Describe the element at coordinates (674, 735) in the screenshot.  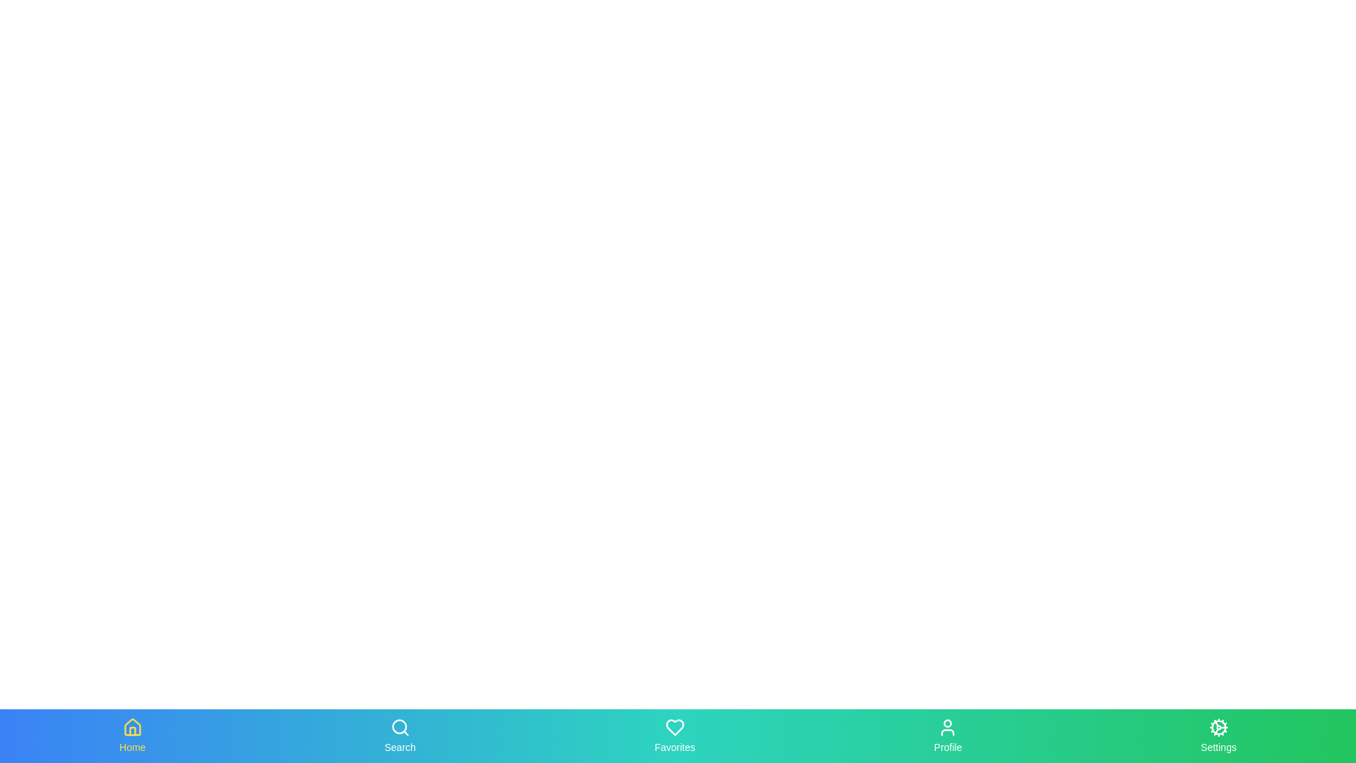
I see `the tab labeled Favorites to observe the scaling animation` at that location.